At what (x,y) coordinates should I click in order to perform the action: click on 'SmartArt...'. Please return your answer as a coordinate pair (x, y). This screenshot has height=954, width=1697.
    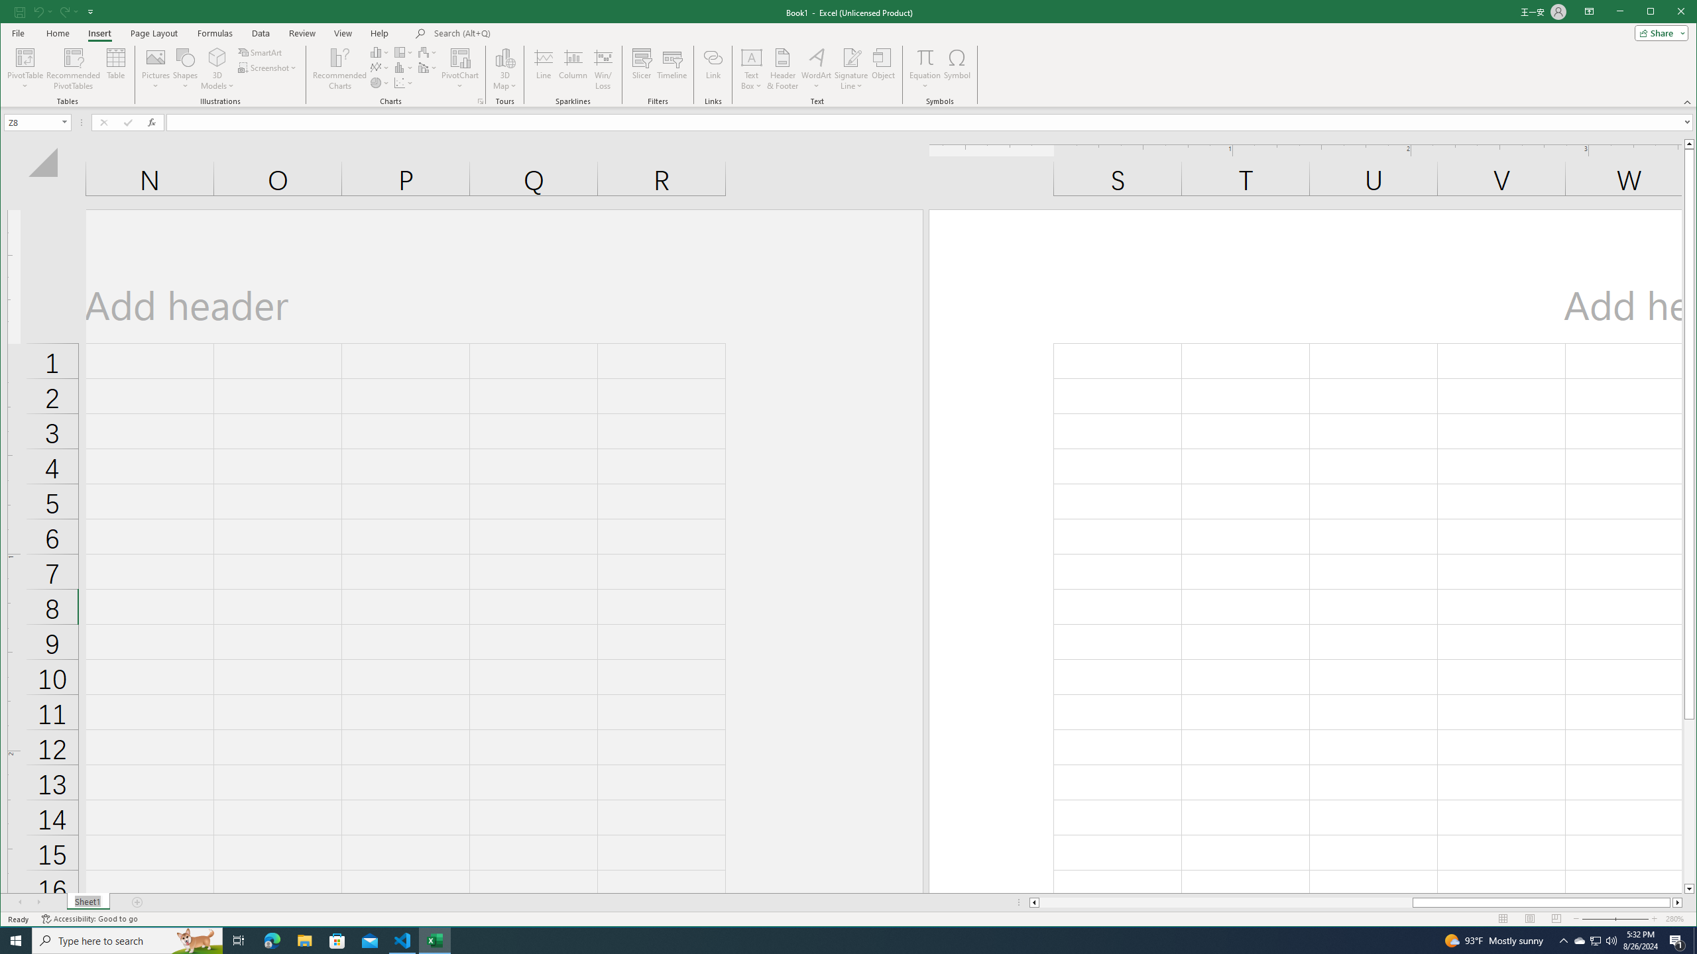
    Looking at the image, I should click on (261, 52).